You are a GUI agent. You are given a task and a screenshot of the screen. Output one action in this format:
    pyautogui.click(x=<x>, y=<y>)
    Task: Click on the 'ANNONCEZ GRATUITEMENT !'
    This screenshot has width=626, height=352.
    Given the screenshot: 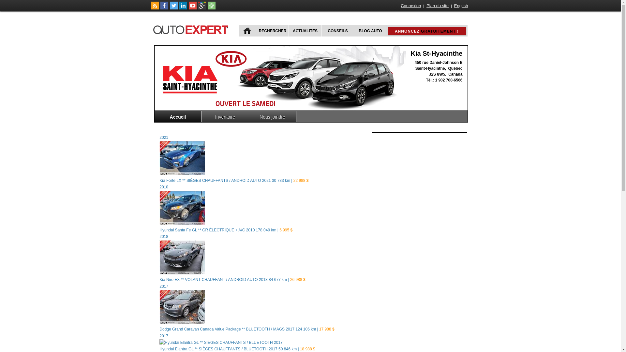 What is the action you would take?
    pyautogui.click(x=427, y=31)
    